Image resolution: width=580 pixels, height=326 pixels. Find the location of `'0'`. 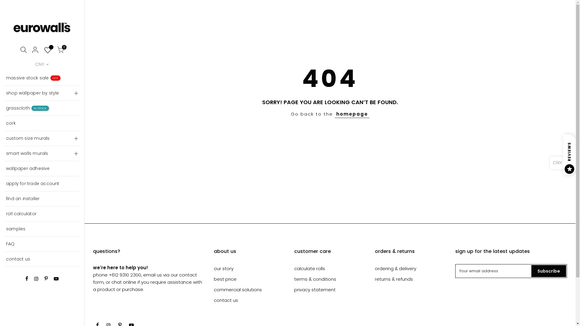

'0' is located at coordinates (60, 50).